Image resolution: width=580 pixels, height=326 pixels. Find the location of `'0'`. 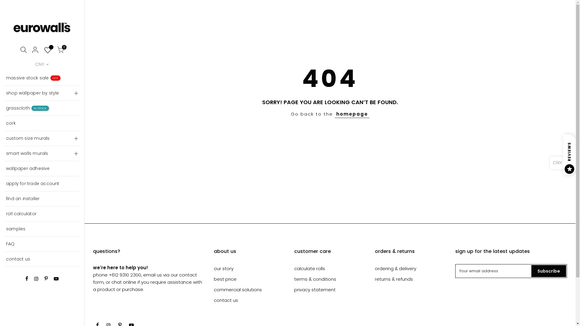

'0' is located at coordinates (60, 50).